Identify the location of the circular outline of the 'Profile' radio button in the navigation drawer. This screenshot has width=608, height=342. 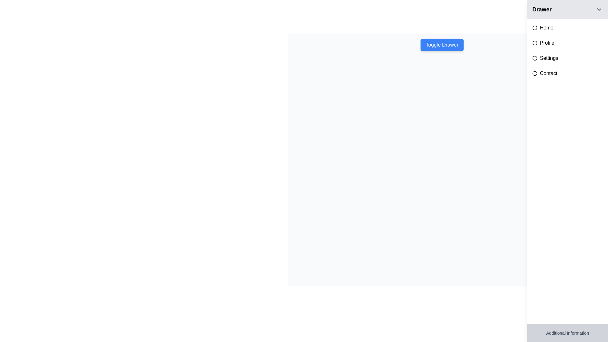
(535, 43).